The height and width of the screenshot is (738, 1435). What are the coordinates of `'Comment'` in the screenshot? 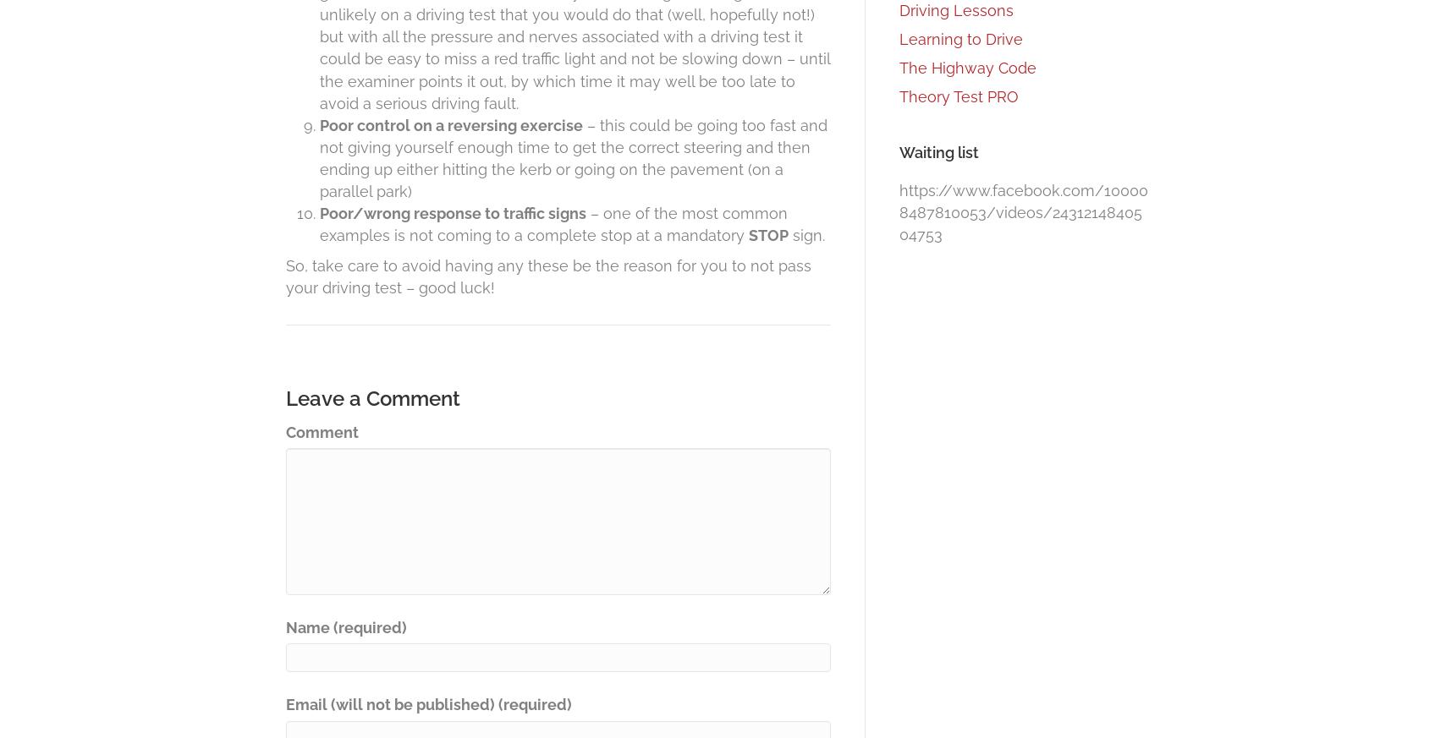 It's located at (321, 432).